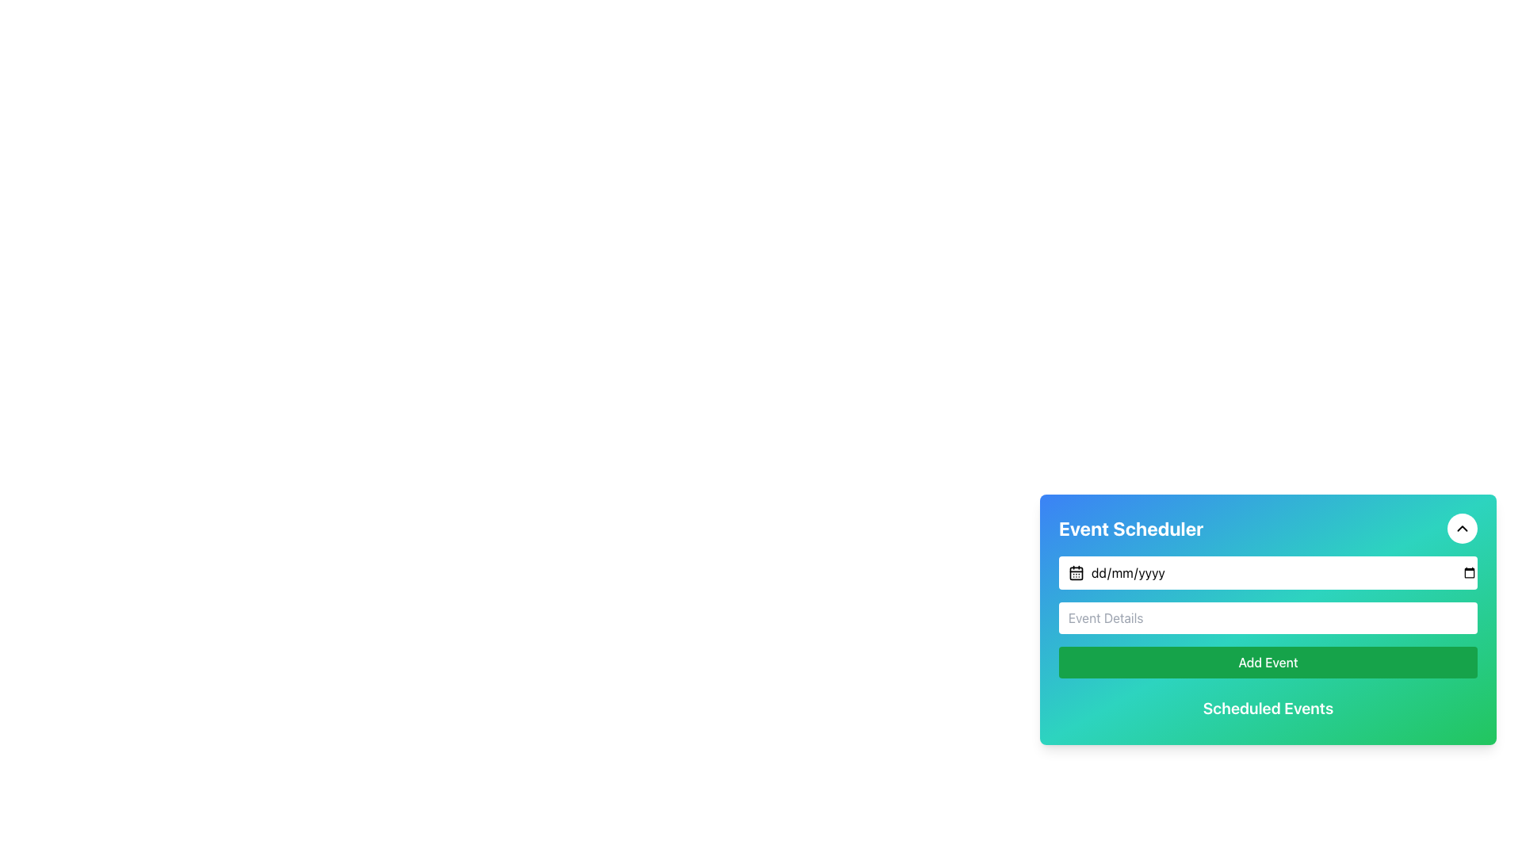 Image resolution: width=1522 pixels, height=856 pixels. Describe the element at coordinates (1267, 708) in the screenshot. I see `the Text Label that serves as a section header for scheduled events, located at the bottom of the 'Event Scheduler' card, directly below the 'Add Event' button` at that location.